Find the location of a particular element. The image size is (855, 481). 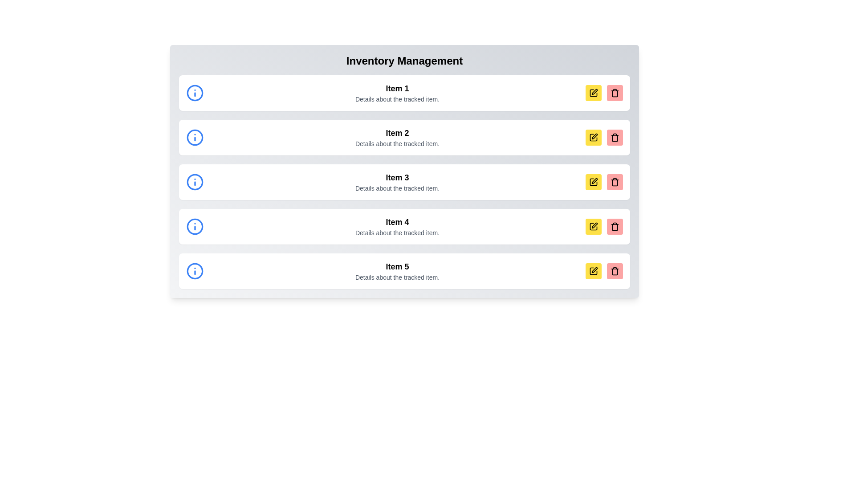

the information indicator icon positioned to the left of the 'Item 5' entry, which provides additional context related to that item is located at coordinates (194, 271).